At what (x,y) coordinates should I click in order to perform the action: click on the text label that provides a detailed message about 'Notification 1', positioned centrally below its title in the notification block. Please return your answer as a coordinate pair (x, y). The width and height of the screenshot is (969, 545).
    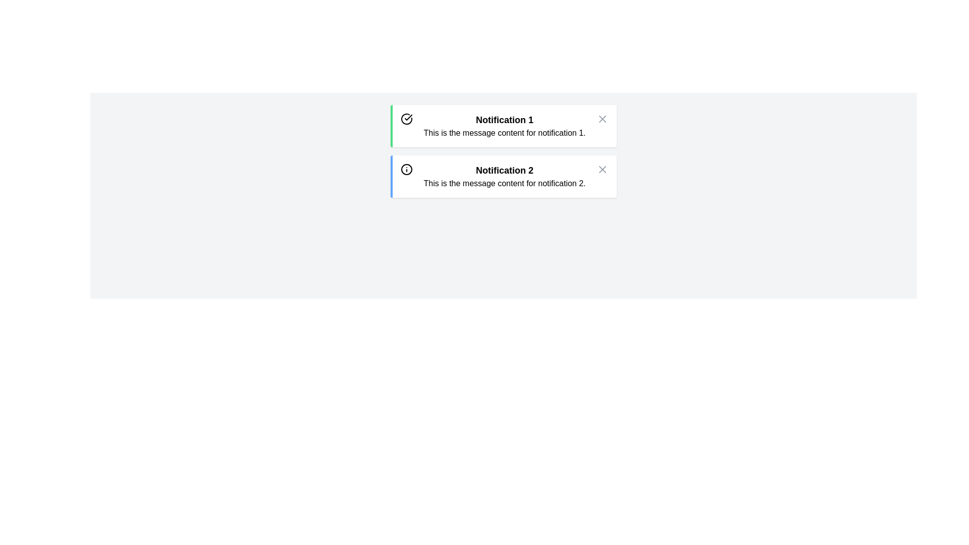
    Looking at the image, I should click on (504, 132).